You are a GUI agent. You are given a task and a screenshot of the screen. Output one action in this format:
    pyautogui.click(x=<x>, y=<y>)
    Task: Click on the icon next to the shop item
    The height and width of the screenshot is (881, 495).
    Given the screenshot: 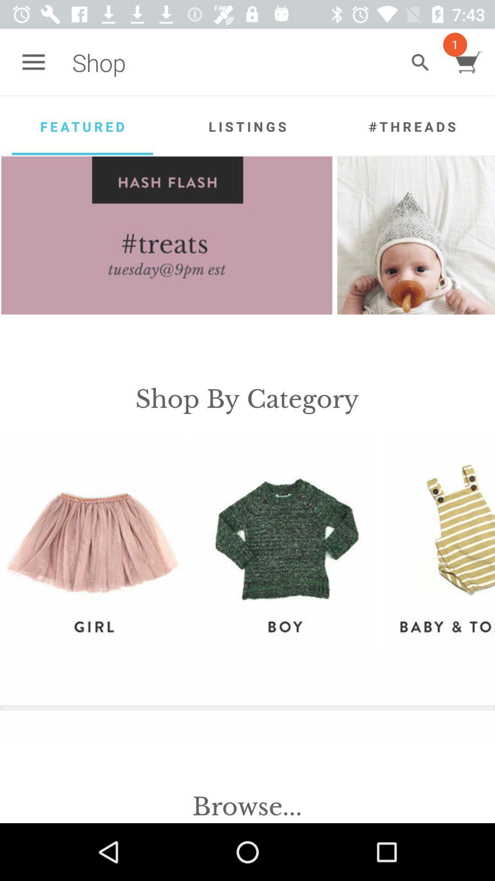 What is the action you would take?
    pyautogui.click(x=33, y=62)
    